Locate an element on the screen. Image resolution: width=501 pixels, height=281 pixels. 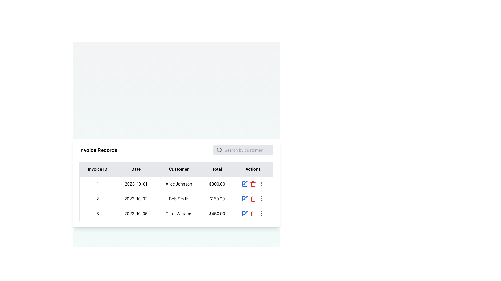
information contained in the third row of the 'Invoice Records' table, which includes the values '3', '2023-10-05', 'Carol Williams', and '$450.00' is located at coordinates (176, 213).